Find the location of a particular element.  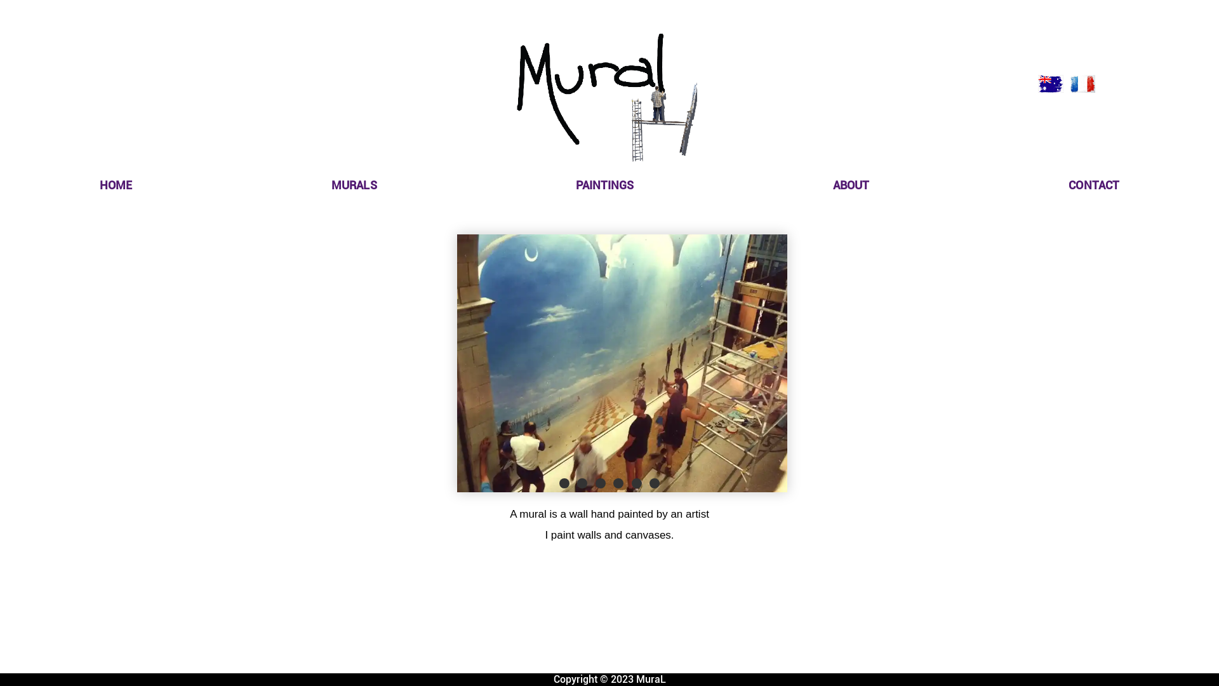

'english' is located at coordinates (1051, 84).